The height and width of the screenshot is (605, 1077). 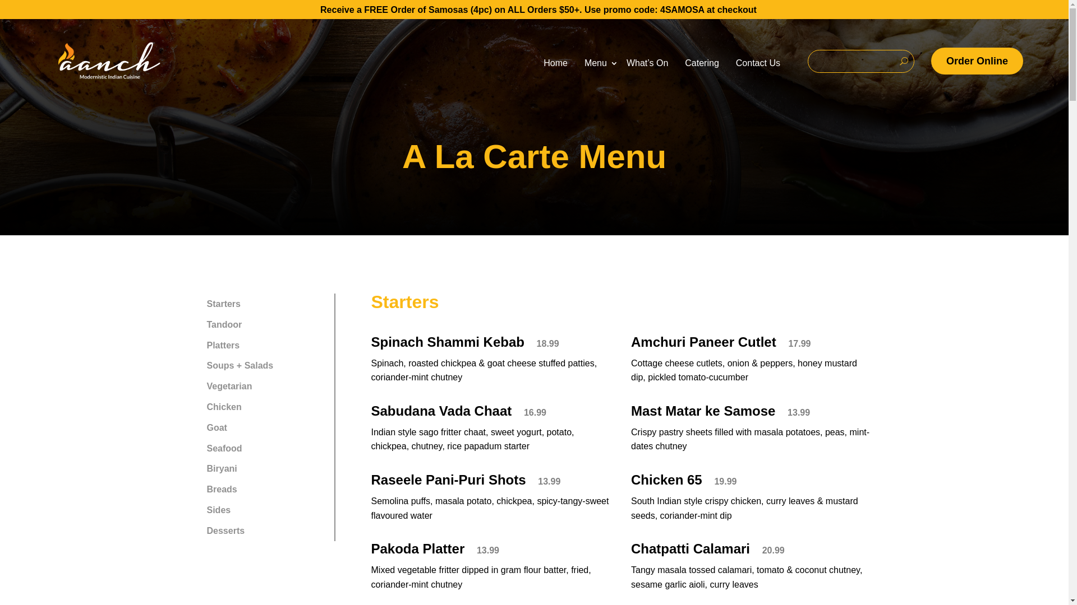 What do you see at coordinates (727, 63) in the screenshot?
I see `'Contact Us'` at bounding box center [727, 63].